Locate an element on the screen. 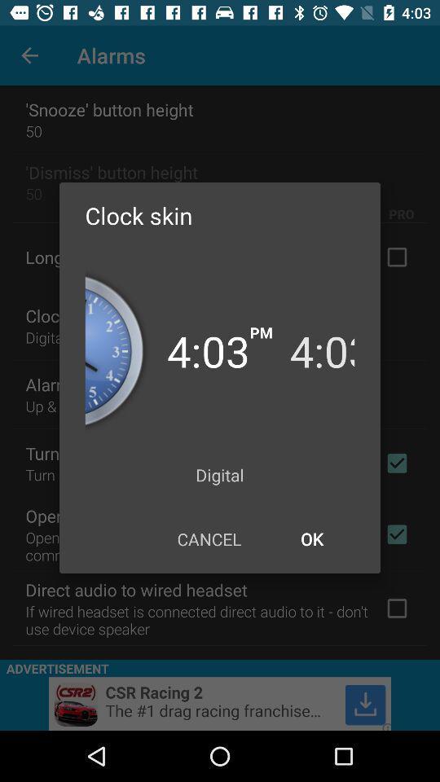 The height and width of the screenshot is (782, 440). the icon next to cancel icon is located at coordinates (311, 538).